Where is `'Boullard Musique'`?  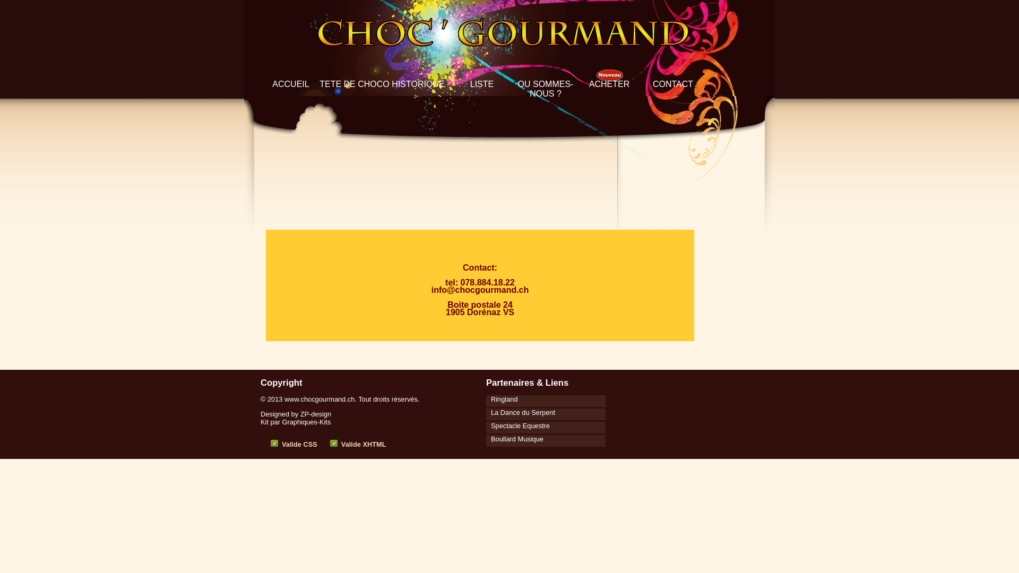 'Boullard Musique' is located at coordinates (514, 438).